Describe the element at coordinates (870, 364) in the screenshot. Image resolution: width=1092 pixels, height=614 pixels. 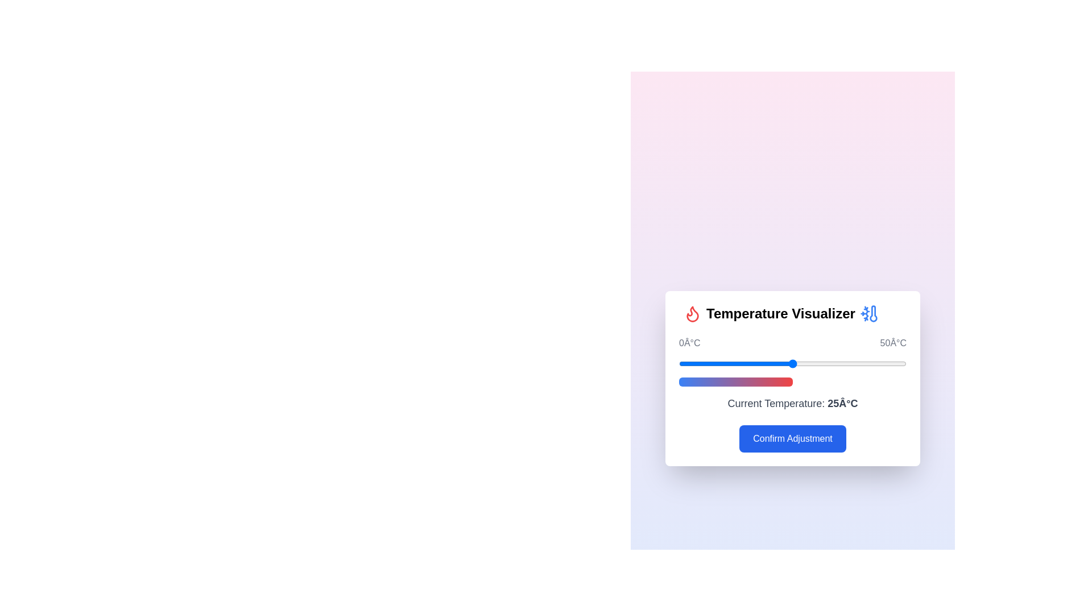
I see `the temperature slider to 42°C to observe the visual feedback` at that location.